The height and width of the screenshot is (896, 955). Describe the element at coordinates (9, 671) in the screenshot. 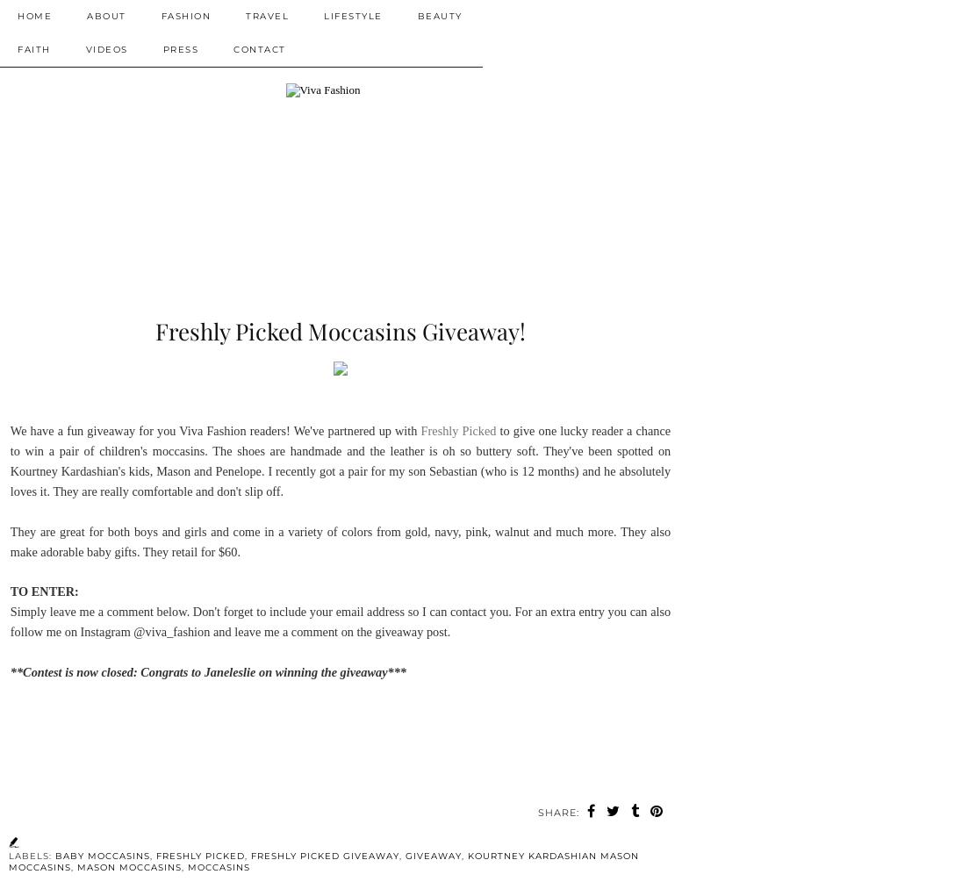

I see `'**Contest is now closed: Congrats to Janeleslie on winning the giveaway***'` at that location.